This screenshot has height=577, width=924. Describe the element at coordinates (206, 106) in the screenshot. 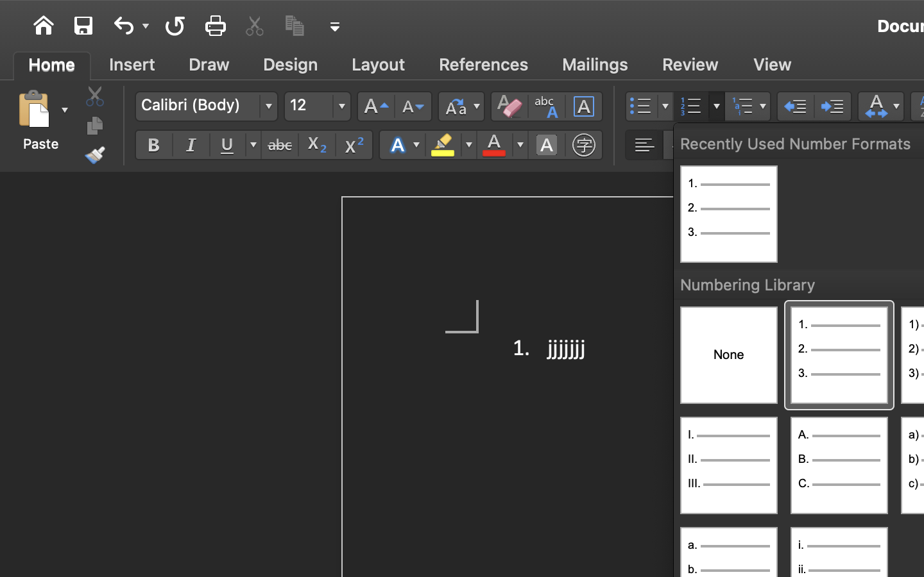

I see `'Calibri (Body)'` at that location.